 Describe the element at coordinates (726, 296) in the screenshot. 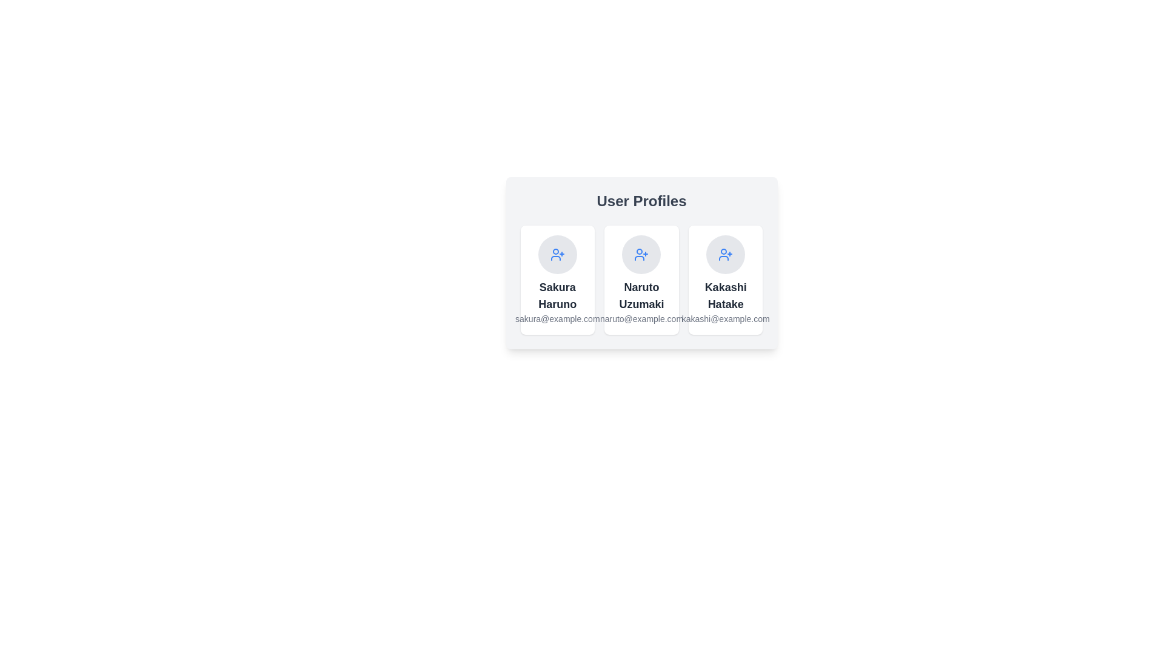

I see `displayed name 'Kakashi Hatake' from the text label located in the third profile card, below the avatar icon and above the email address` at that location.